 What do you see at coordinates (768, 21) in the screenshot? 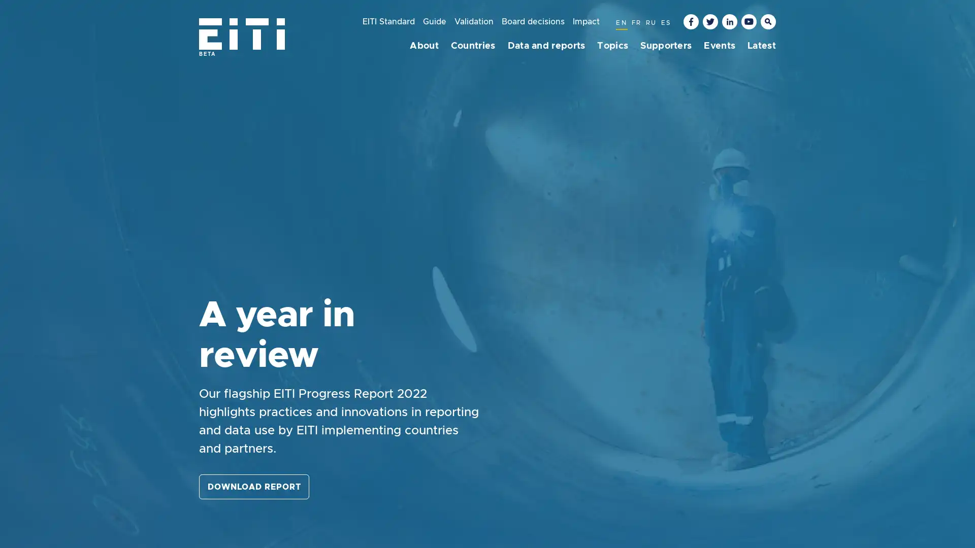
I see `Toggle the keyword search input` at bounding box center [768, 21].